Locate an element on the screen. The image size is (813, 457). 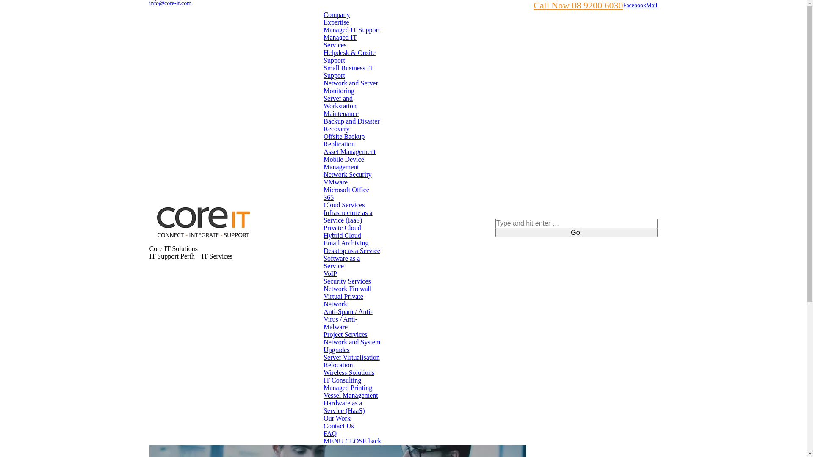
'info@core-it.com' is located at coordinates (170, 3).